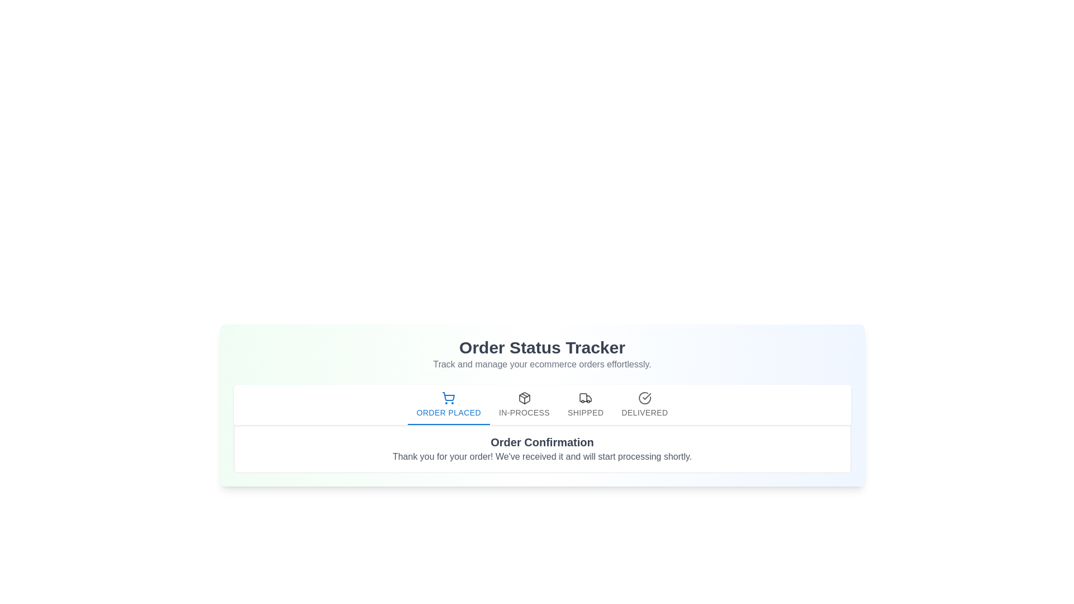  Describe the element at coordinates (644, 405) in the screenshot. I see `the fourth tab button titled 'Delivery Status' in the 'Order Status Tabs' section` at that location.